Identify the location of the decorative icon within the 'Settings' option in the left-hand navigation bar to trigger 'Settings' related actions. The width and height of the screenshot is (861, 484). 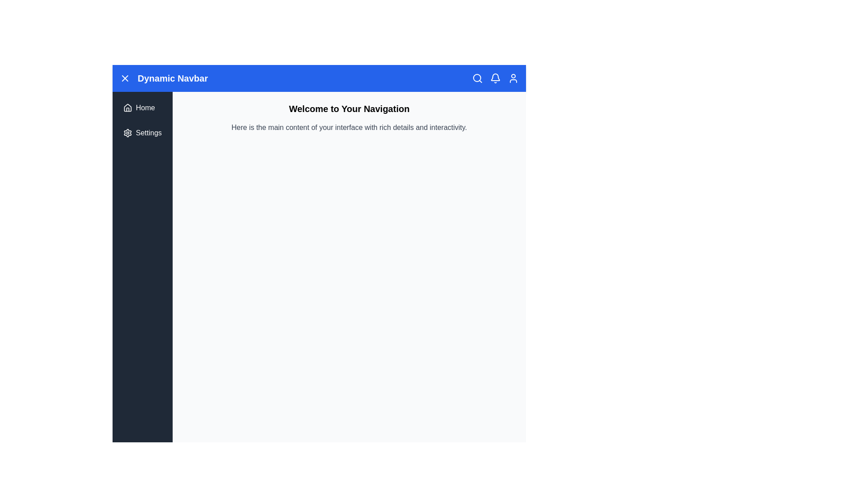
(127, 133).